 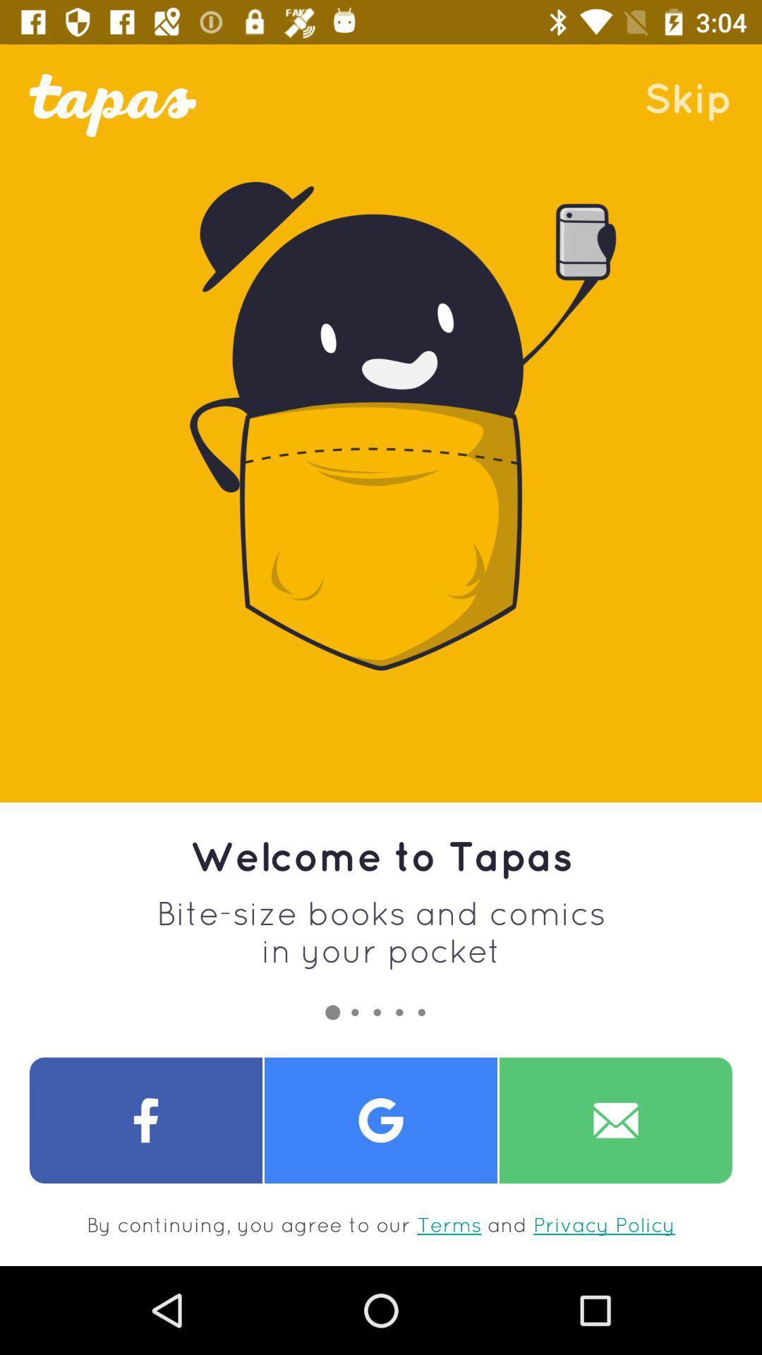 What do you see at coordinates (687, 97) in the screenshot?
I see `icon above welcome to tapas` at bounding box center [687, 97].